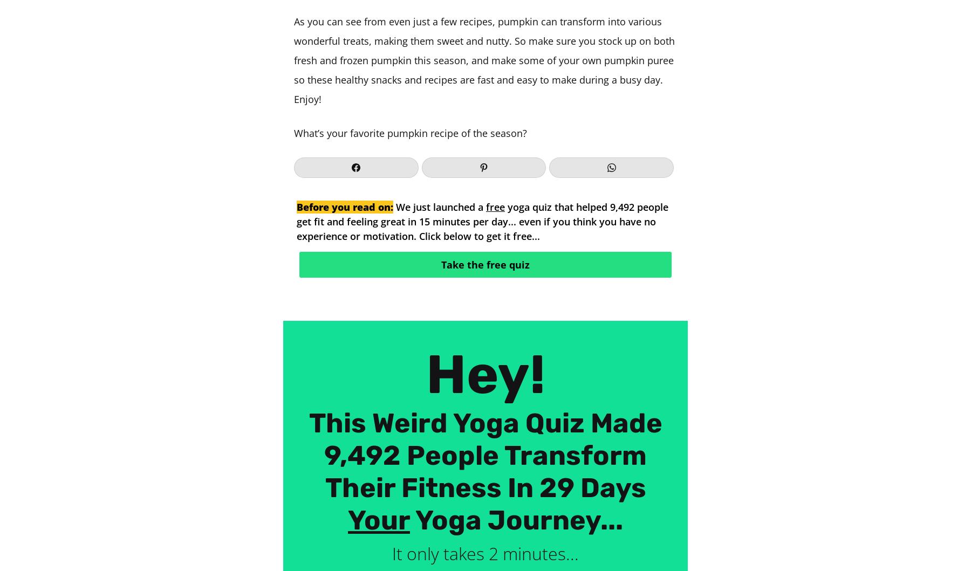  I want to click on 'Before you read on:', so click(345, 206).